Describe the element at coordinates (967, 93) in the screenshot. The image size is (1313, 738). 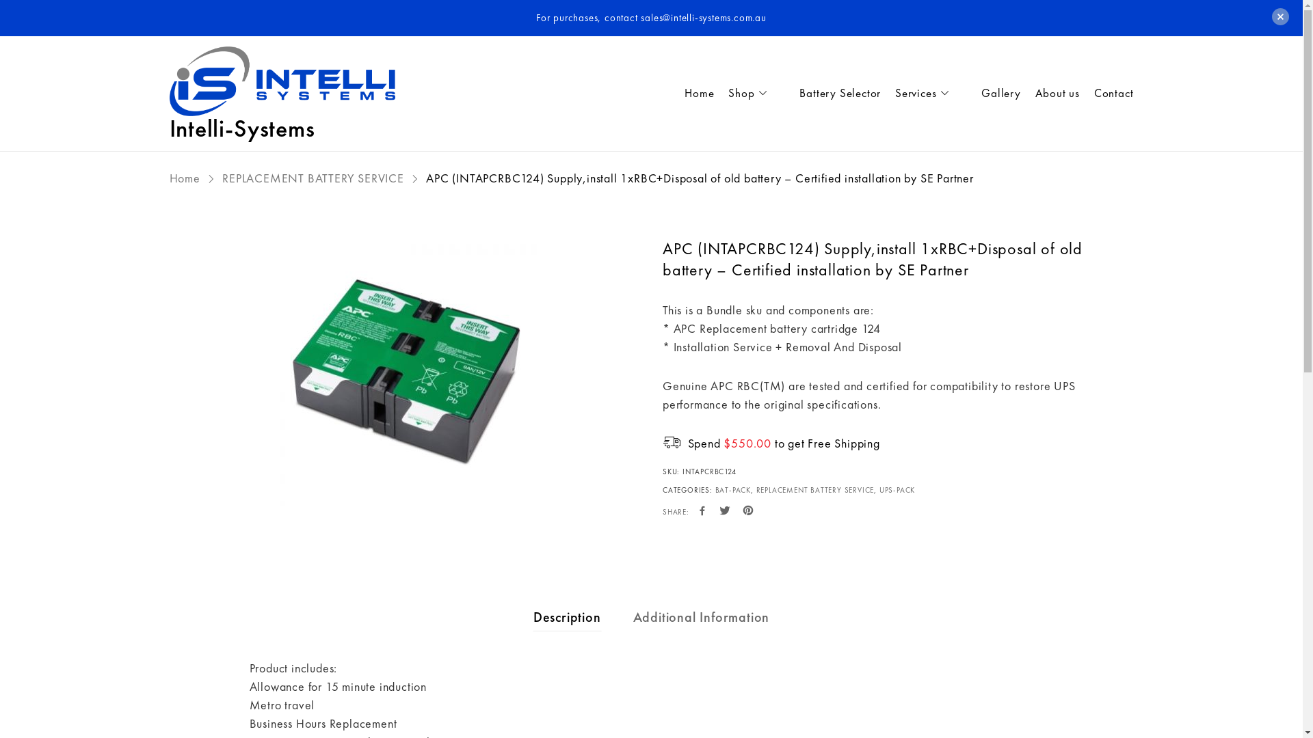
I see `'Gallery'` at that location.